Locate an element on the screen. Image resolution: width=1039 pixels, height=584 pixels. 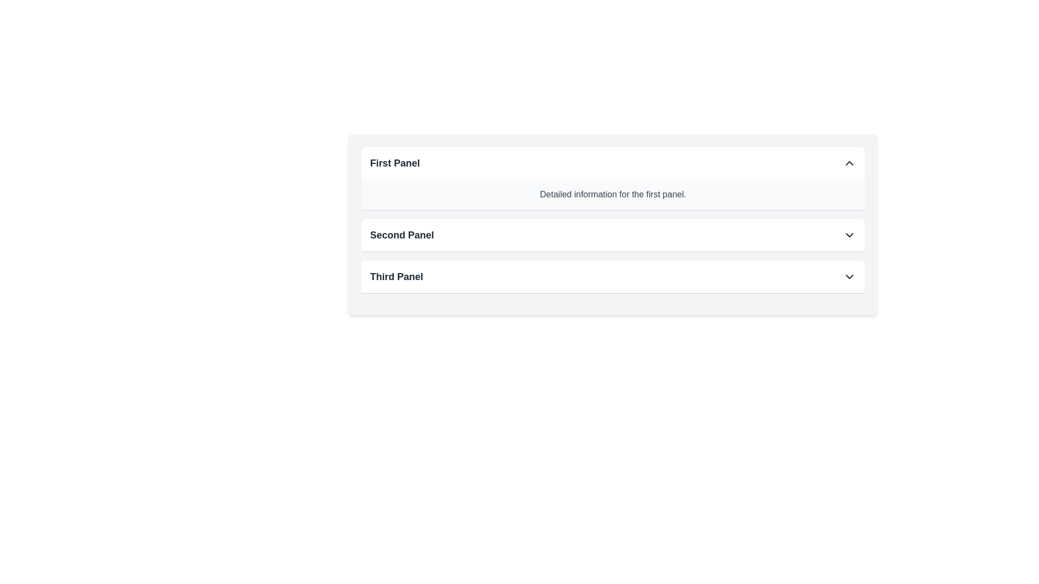
the Text Label element that reads 'Second Panel', which is styled in bold dark gray and positioned near the top-middle area of the second section of a vertically stacked list of panels is located at coordinates (402, 235).